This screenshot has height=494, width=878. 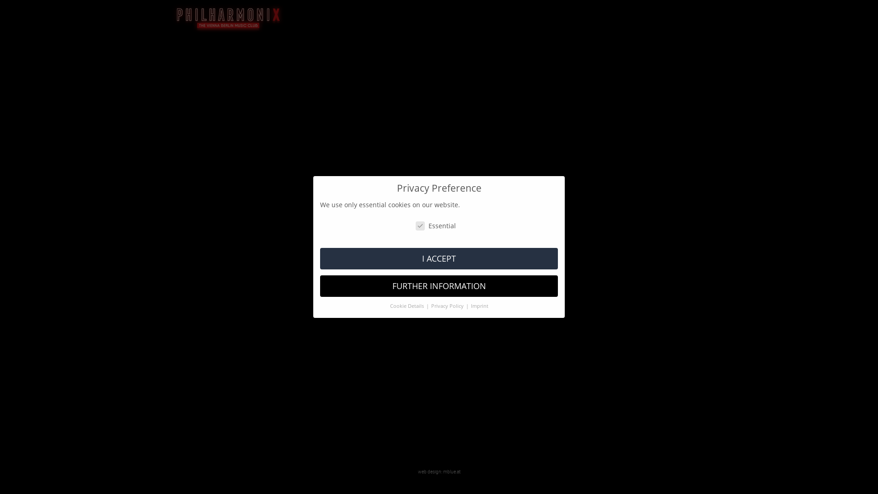 What do you see at coordinates (439, 258) in the screenshot?
I see `'I ACCEPT'` at bounding box center [439, 258].